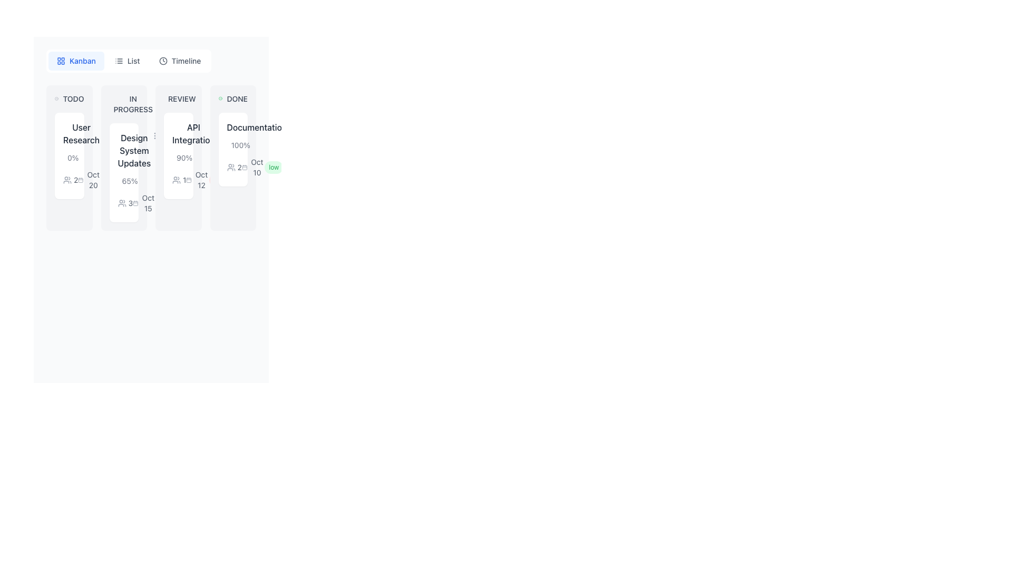  I want to click on the static text indicating the deadline for the task card in the second card of the Kanban board under the 'IN PROGRESS' column, located beneath the '65%' completion text and alongside a gray calendar icon, so click(148, 203).